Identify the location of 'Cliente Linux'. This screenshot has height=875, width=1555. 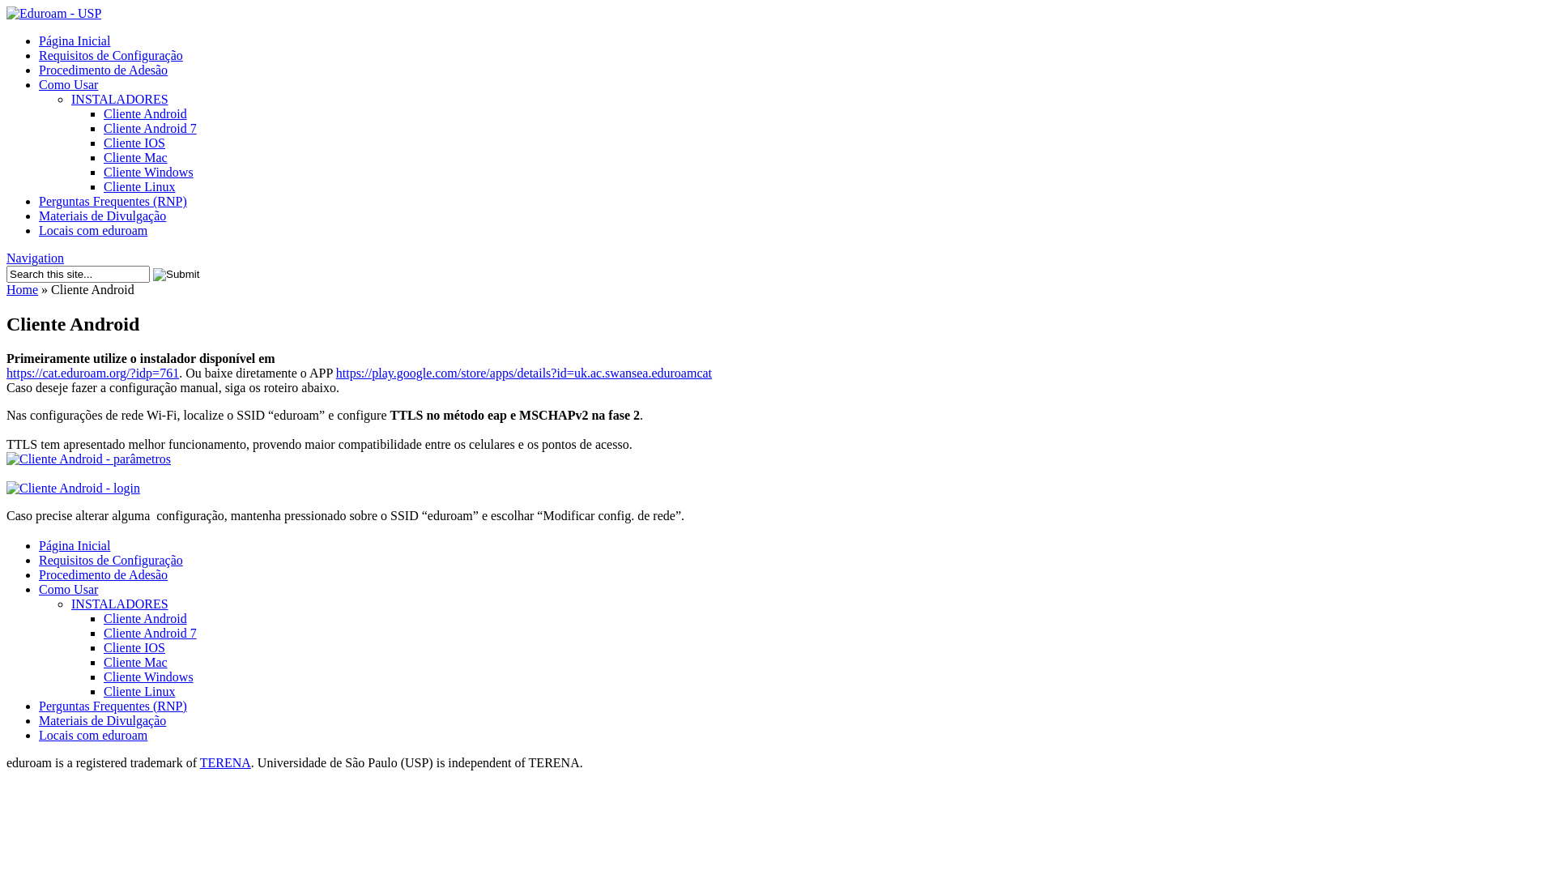
(139, 691).